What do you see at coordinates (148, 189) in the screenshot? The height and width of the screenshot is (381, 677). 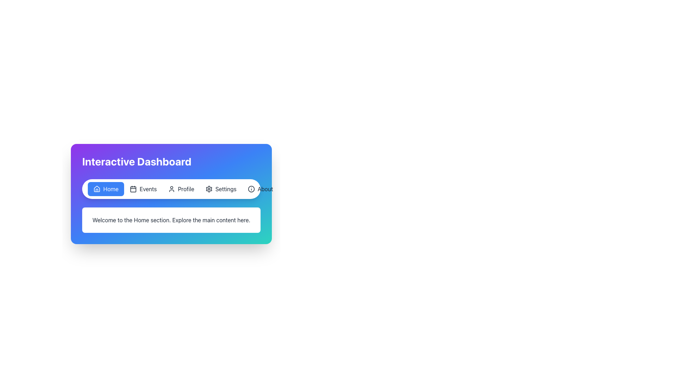 I see `the 'Events' navigation item in the navigation bar` at bounding box center [148, 189].